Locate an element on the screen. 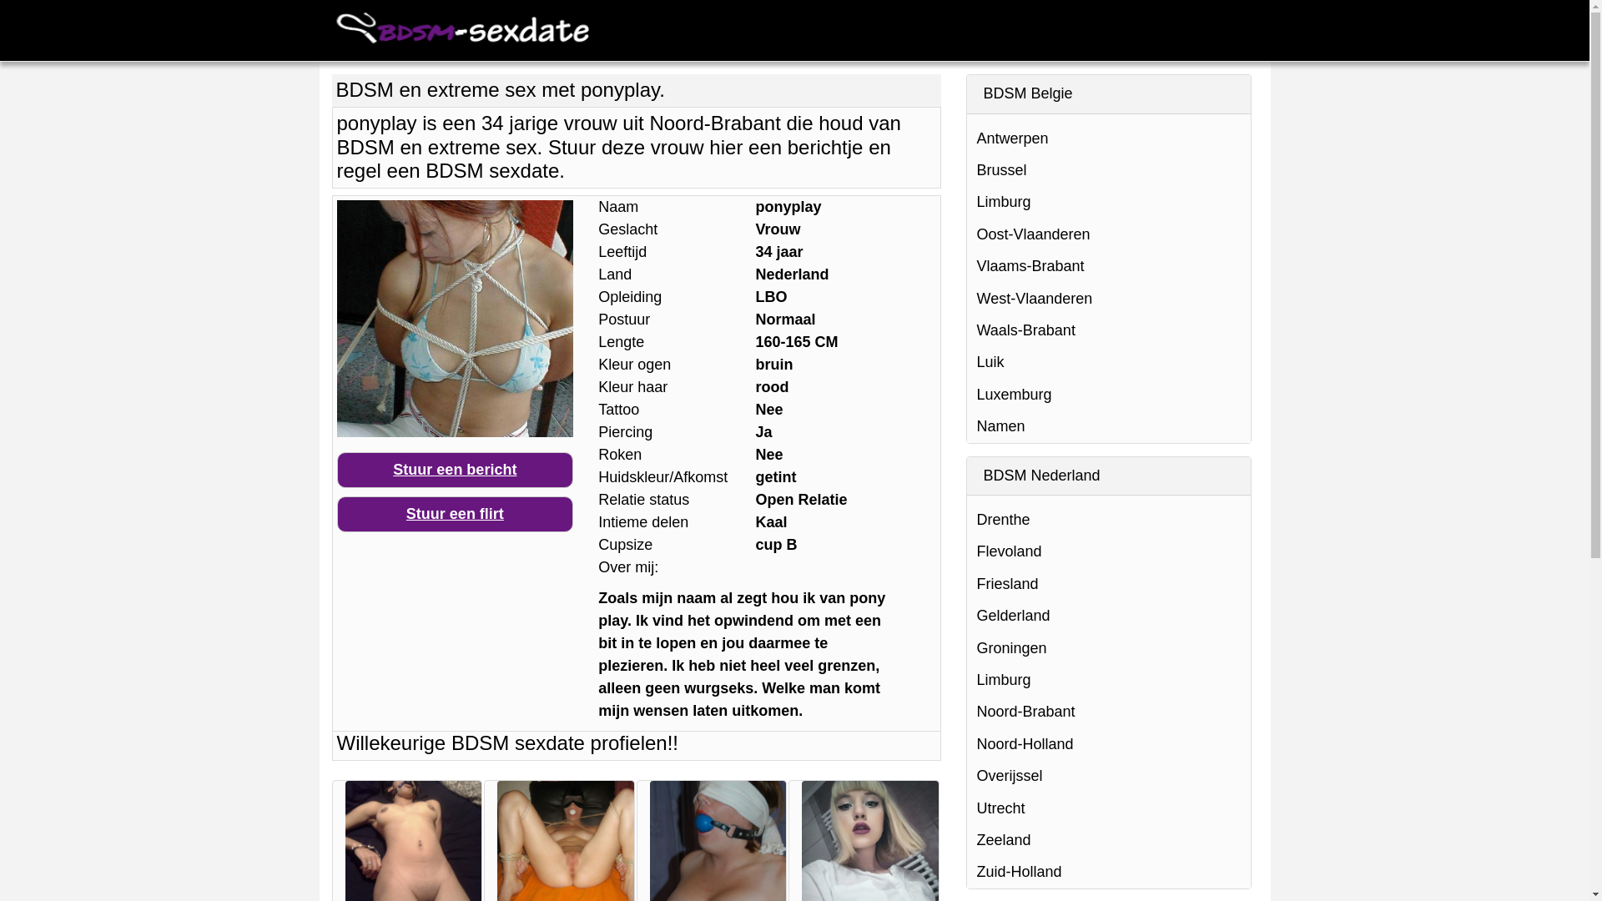 The height and width of the screenshot is (901, 1602). 'Zeeland' is located at coordinates (1108, 839).